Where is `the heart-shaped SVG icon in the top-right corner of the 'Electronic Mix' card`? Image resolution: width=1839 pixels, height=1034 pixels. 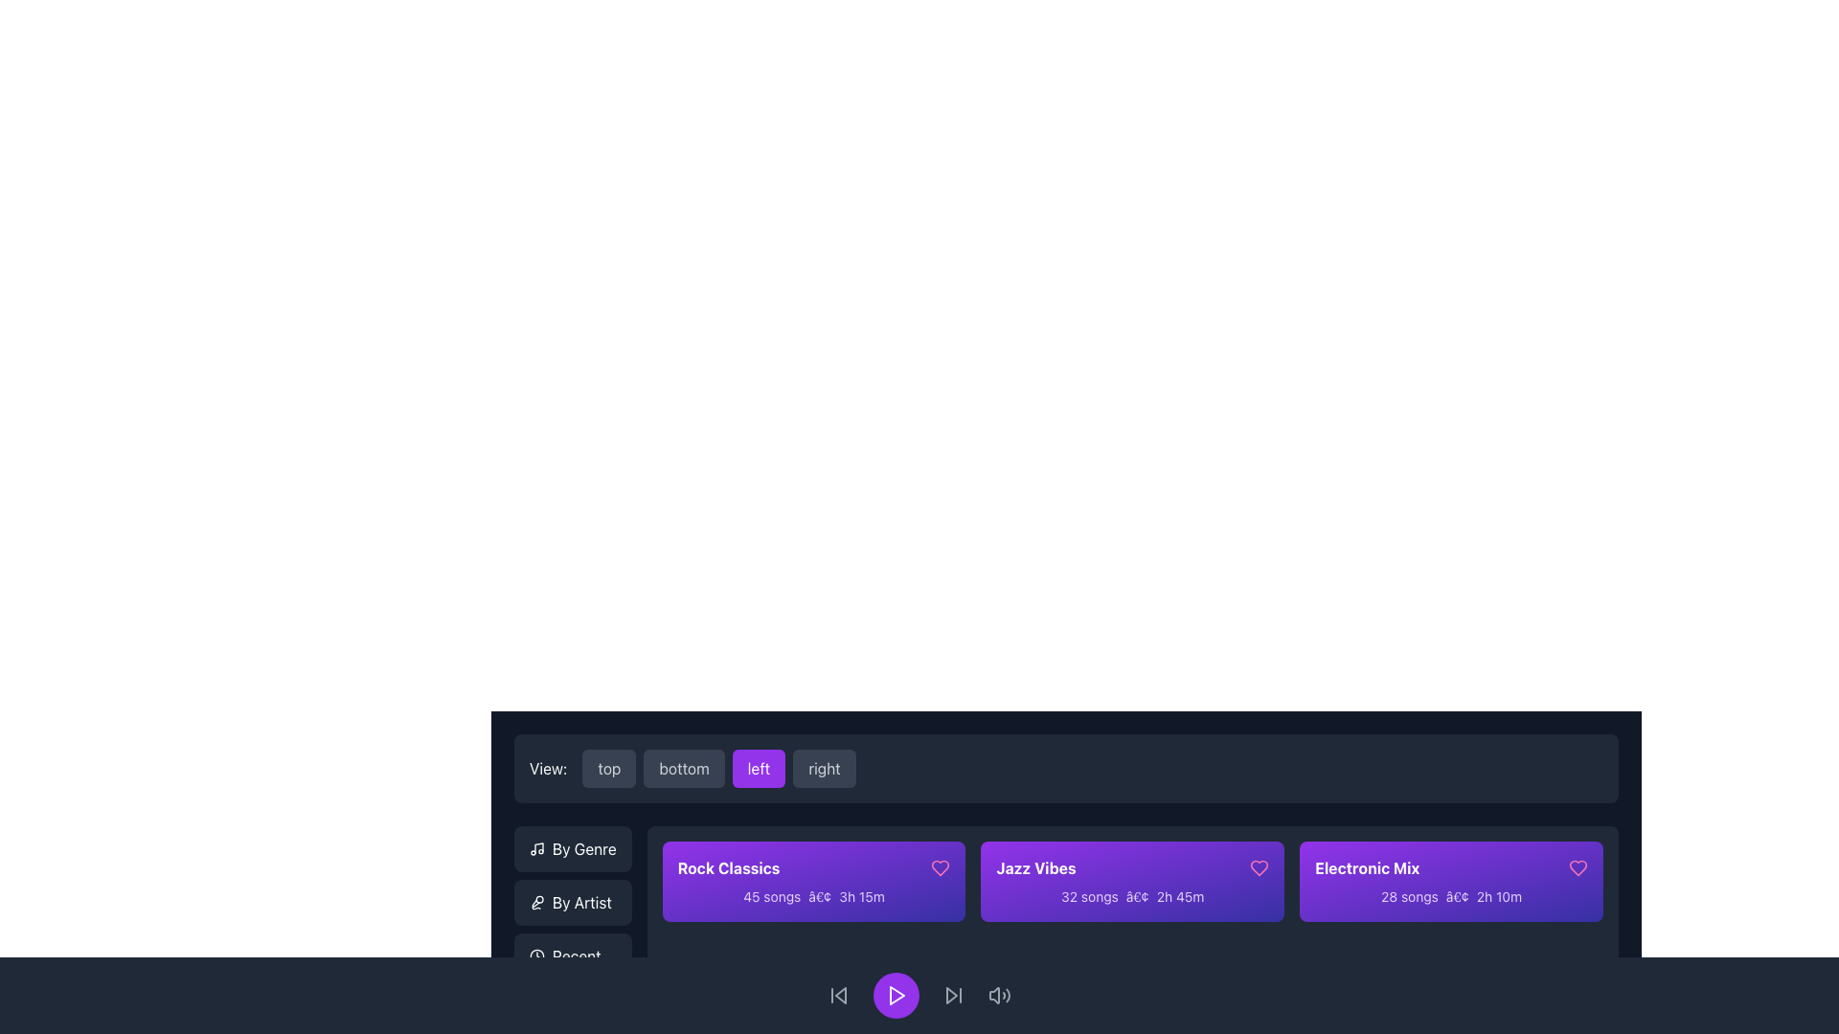 the heart-shaped SVG icon in the top-right corner of the 'Electronic Mix' card is located at coordinates (1578, 867).